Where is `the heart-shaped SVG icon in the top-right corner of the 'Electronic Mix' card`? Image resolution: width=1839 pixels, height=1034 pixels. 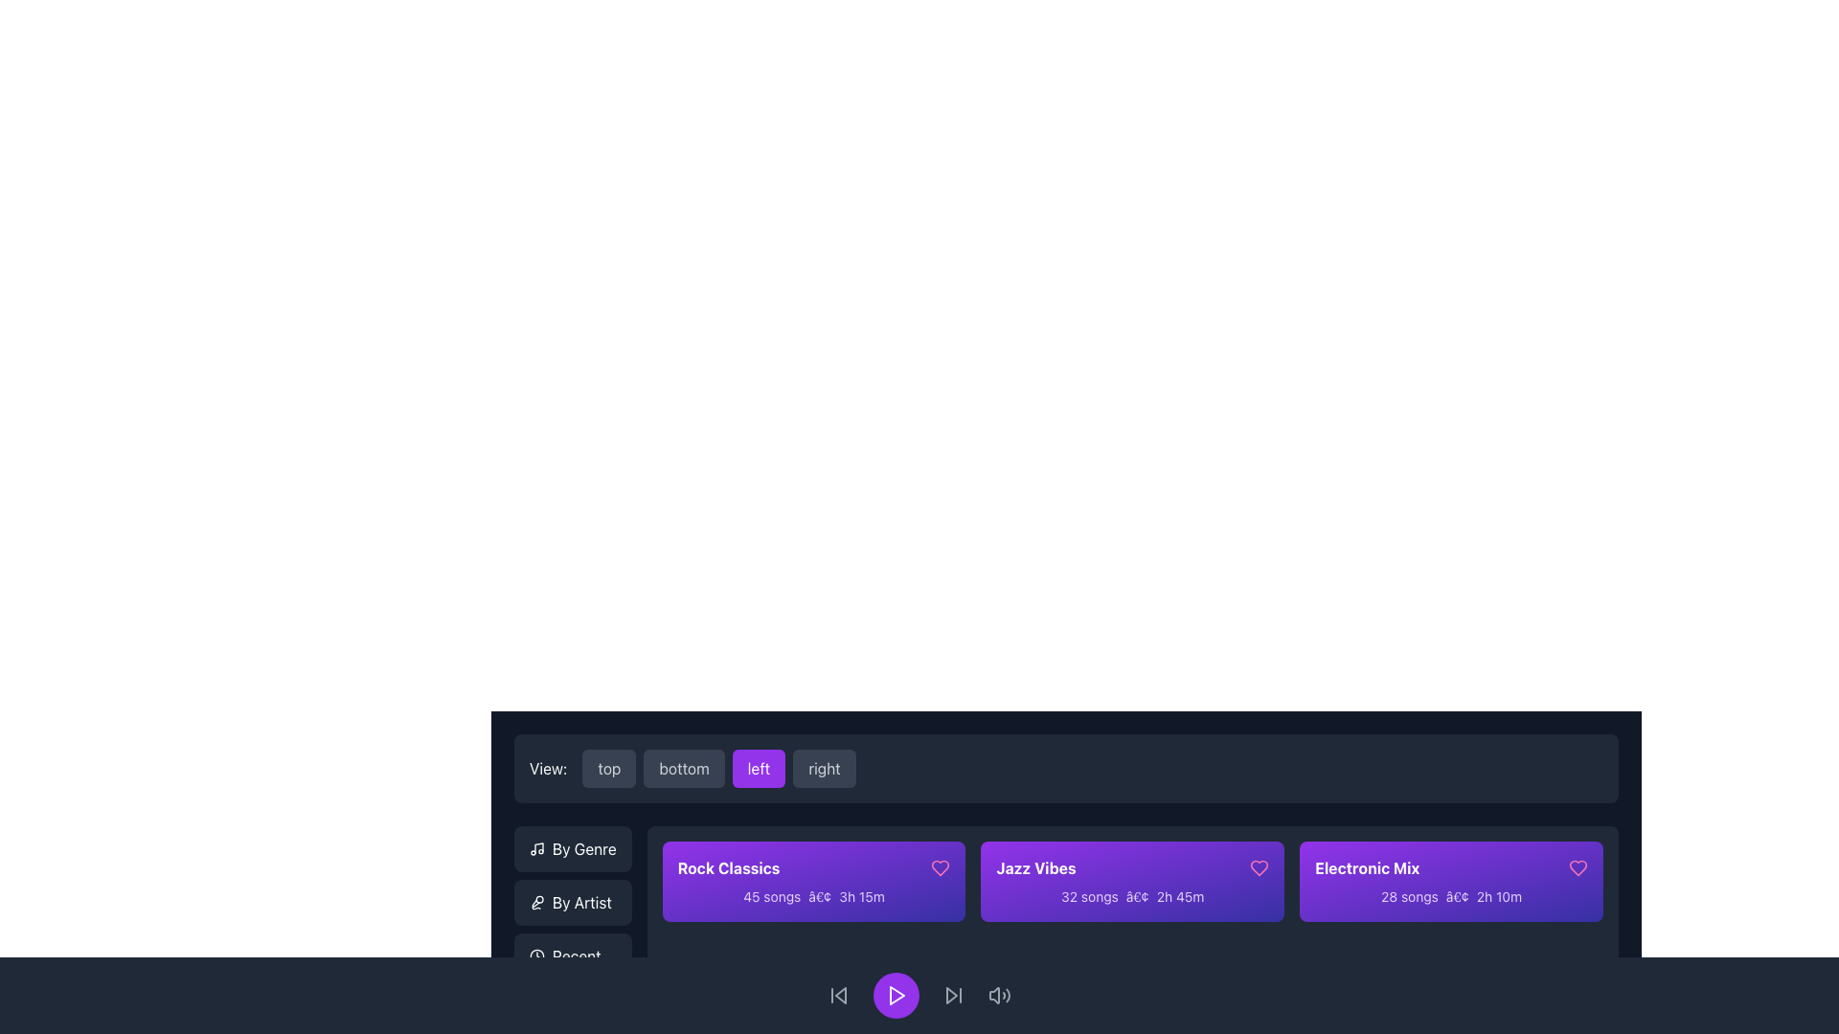 the heart-shaped SVG icon in the top-right corner of the 'Electronic Mix' card is located at coordinates (1578, 867).